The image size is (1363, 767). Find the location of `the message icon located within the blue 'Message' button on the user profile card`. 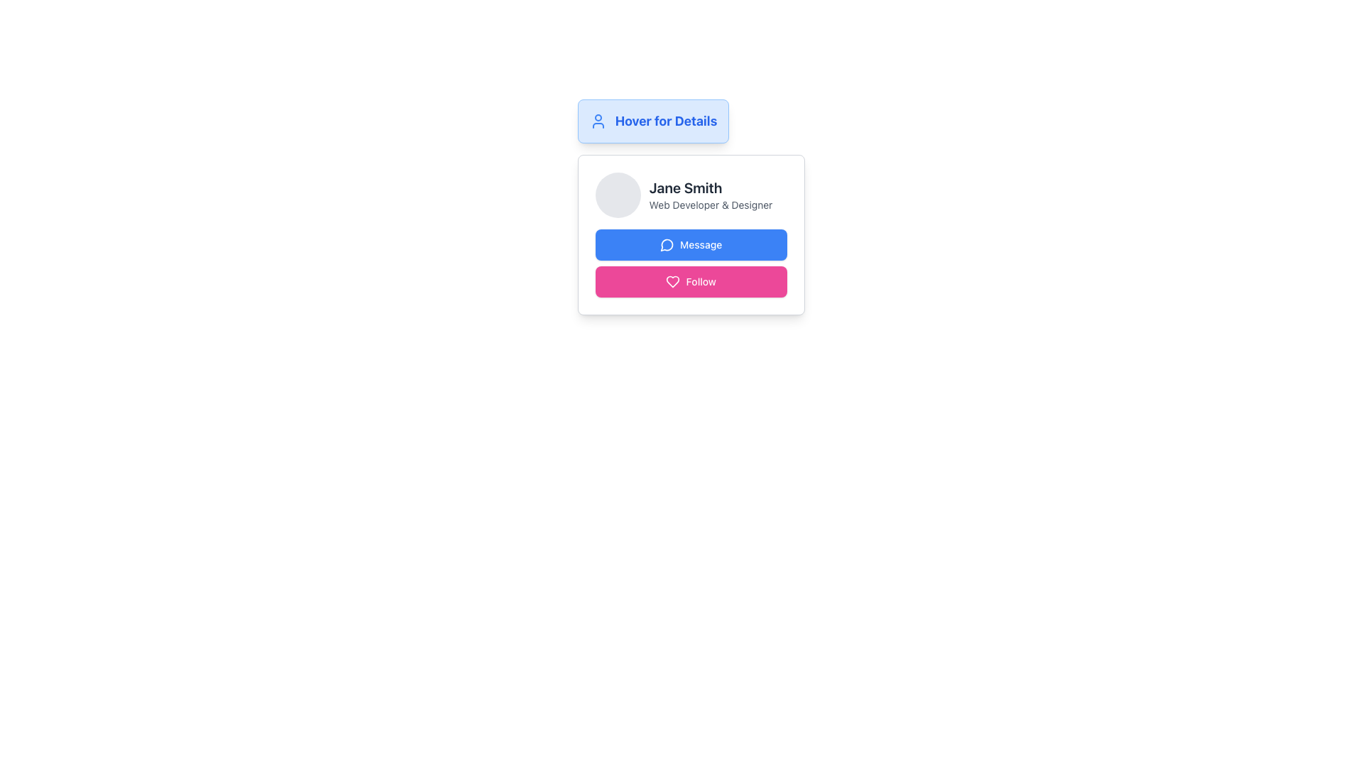

the message icon located within the blue 'Message' button on the user profile card is located at coordinates (666, 244).